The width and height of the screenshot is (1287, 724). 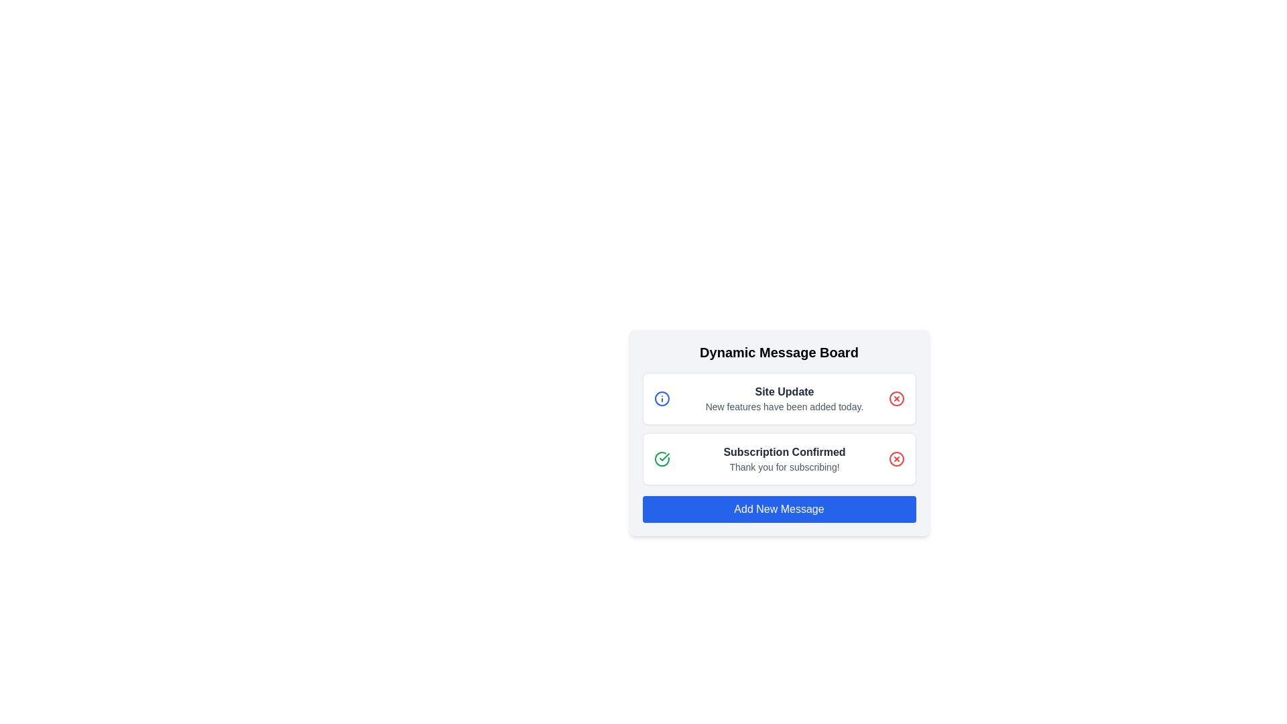 What do you see at coordinates (896, 459) in the screenshot?
I see `the close button located at the rightmost end of the 'Subscription Confirmed' message` at bounding box center [896, 459].